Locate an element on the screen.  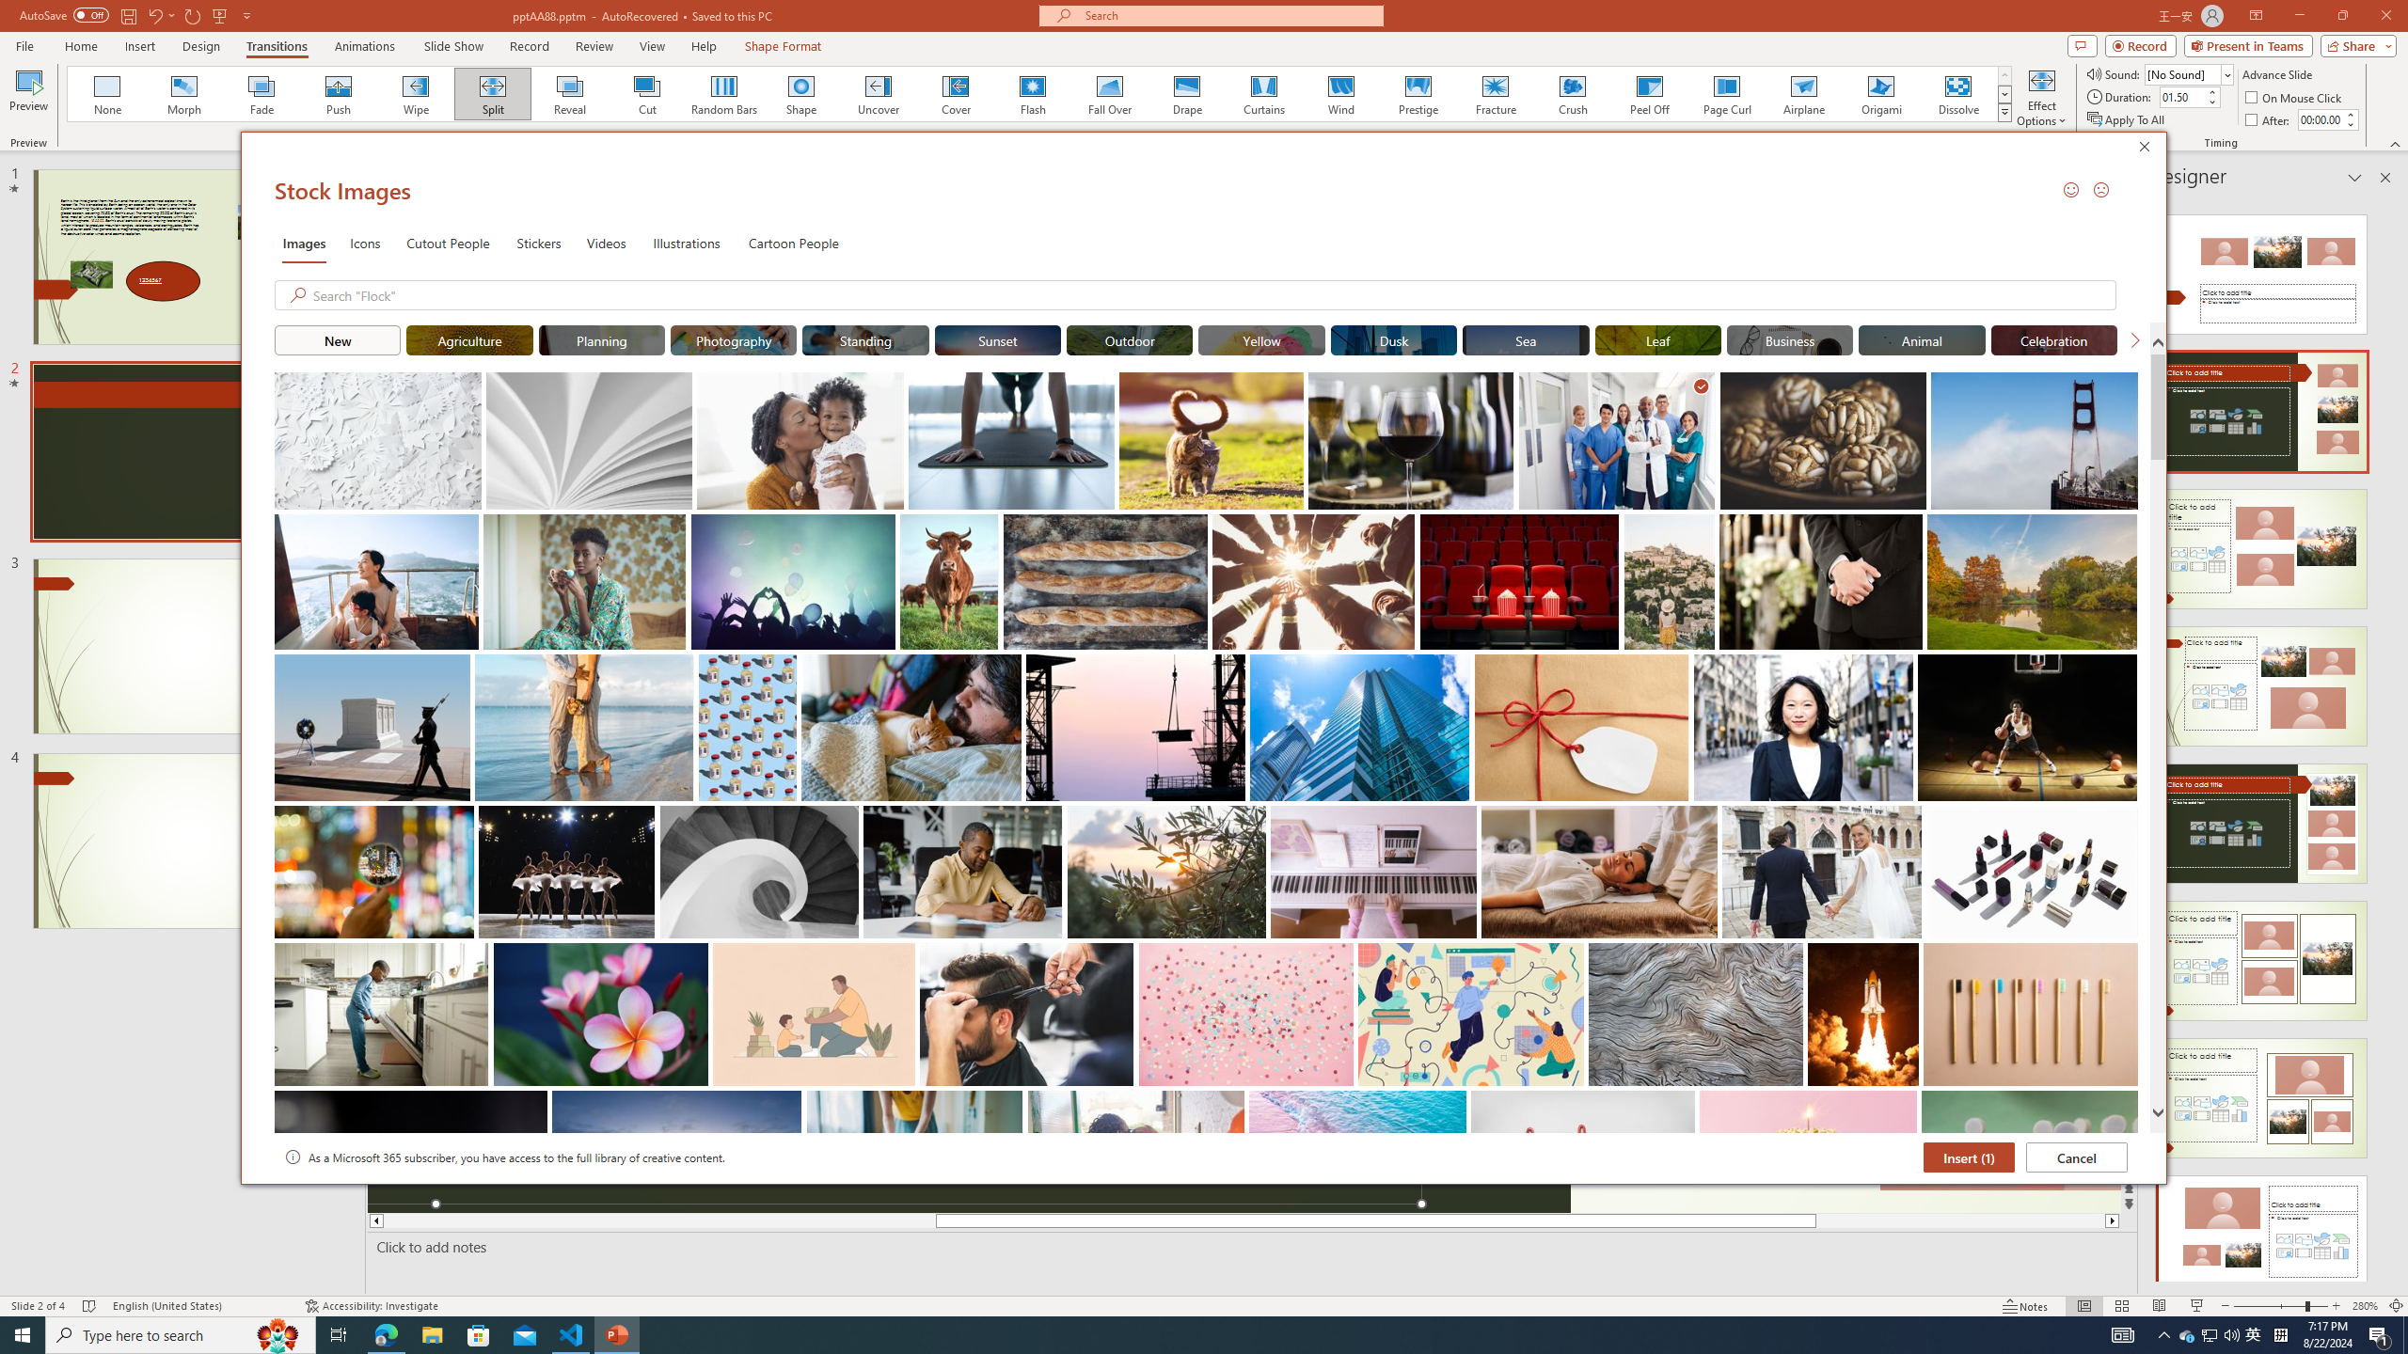
'Curtains' is located at coordinates (1264, 93).